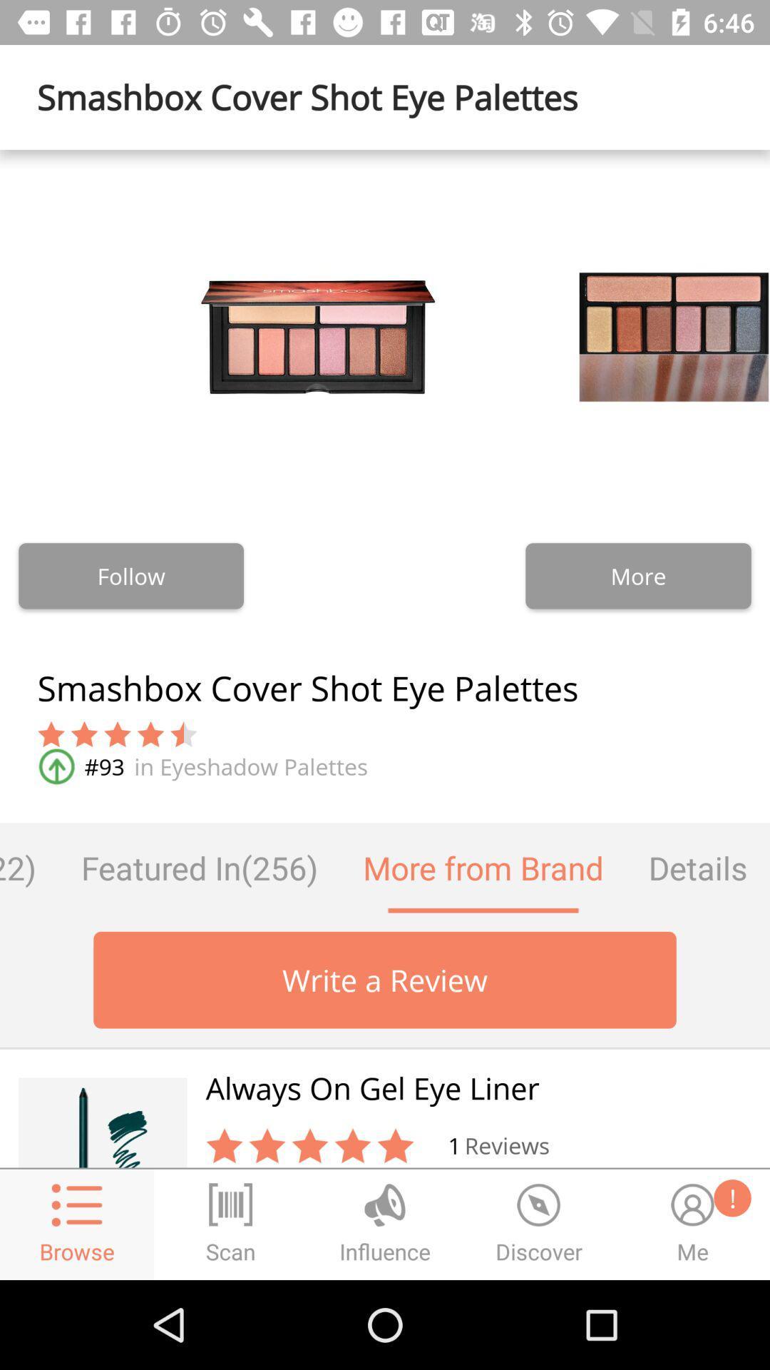  What do you see at coordinates (131, 576) in the screenshot?
I see `the follow button` at bounding box center [131, 576].